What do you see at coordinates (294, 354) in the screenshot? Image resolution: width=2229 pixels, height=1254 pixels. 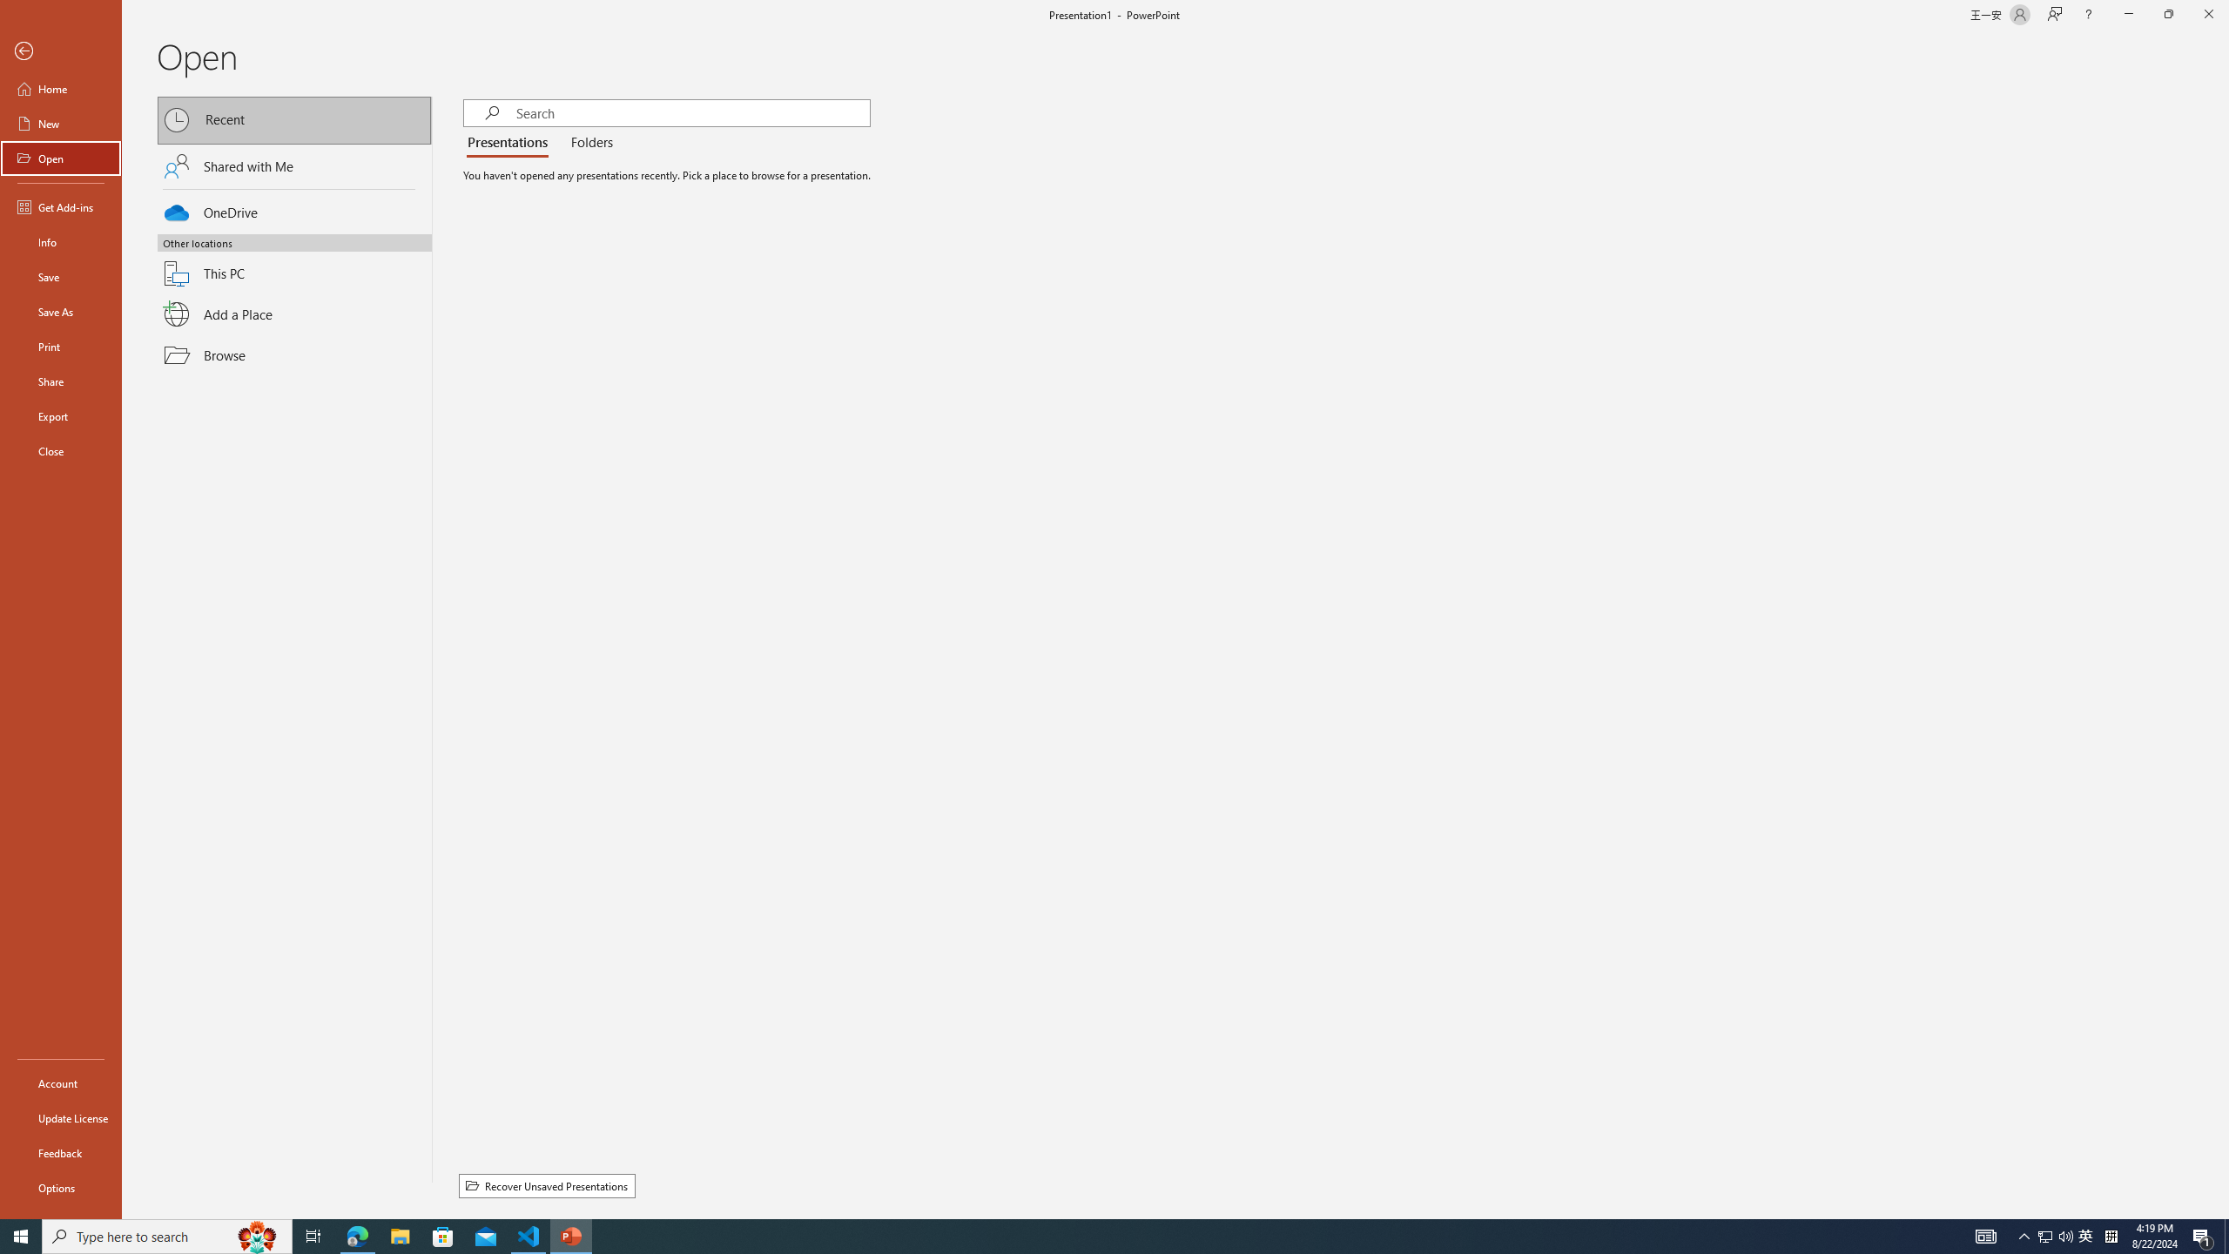 I see `'Browse'` at bounding box center [294, 354].